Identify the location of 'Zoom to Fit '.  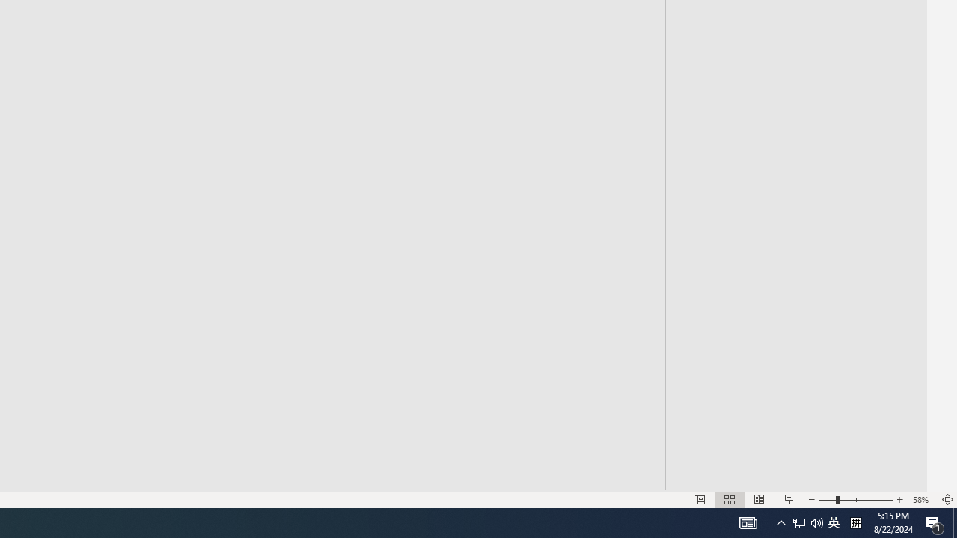
(947, 500).